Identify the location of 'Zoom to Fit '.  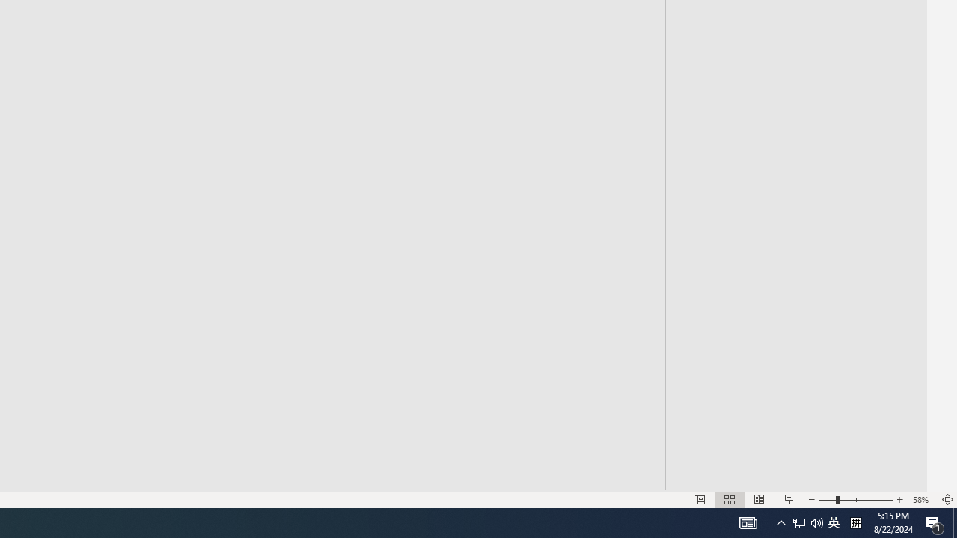
(947, 500).